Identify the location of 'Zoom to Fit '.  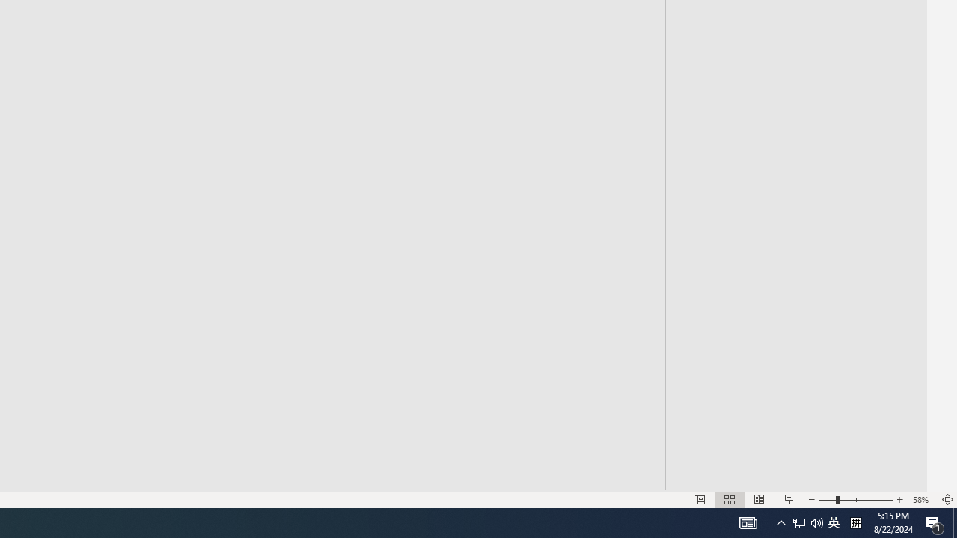
(947, 500).